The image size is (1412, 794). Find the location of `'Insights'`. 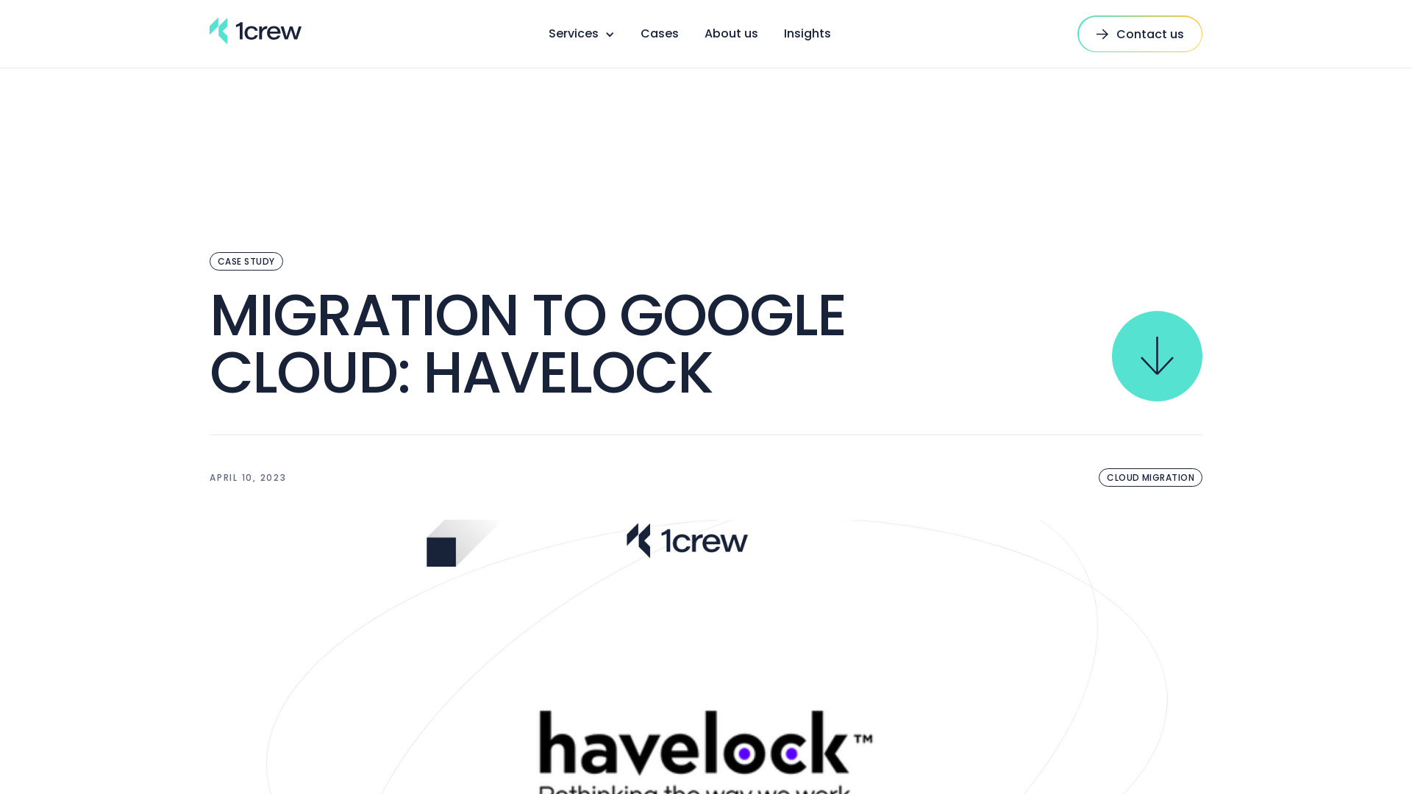

'Insights' is located at coordinates (807, 33).